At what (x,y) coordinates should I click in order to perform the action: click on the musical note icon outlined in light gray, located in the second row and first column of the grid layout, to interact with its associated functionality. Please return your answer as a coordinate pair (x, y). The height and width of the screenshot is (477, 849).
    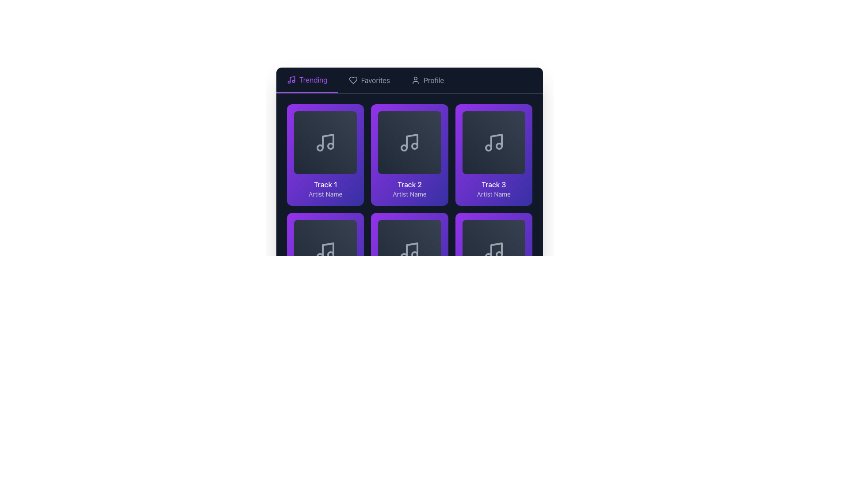
    Looking at the image, I should click on (325, 251).